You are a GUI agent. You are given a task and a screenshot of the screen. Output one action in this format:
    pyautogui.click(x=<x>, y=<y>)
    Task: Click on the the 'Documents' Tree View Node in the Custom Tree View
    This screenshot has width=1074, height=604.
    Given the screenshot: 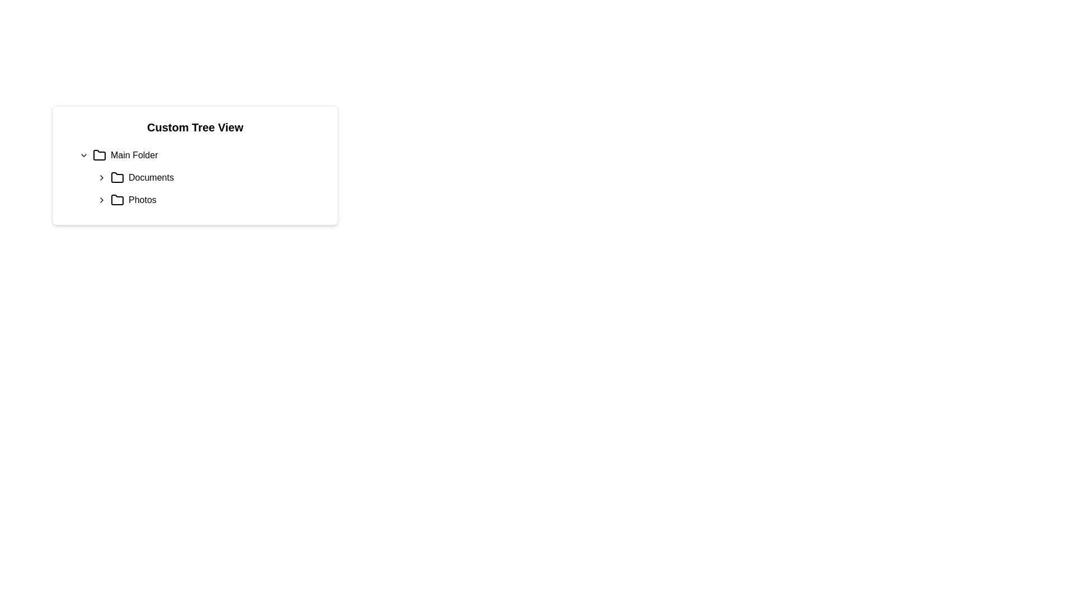 What is the action you would take?
    pyautogui.click(x=209, y=177)
    